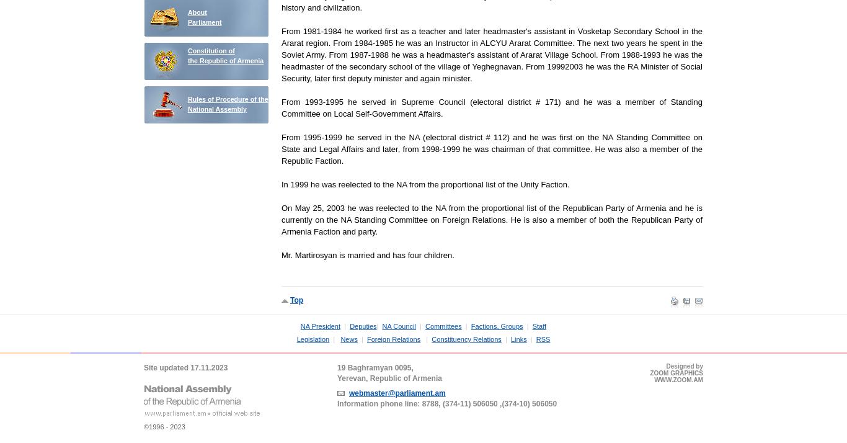 The image size is (847, 443). I want to click on 'From 1995-1999 he served in the NA (electoral district # 112) and he was first on the NA Standing Committee on State and Legal Affairs and later, from 1998-1999 he was chairman of that committee. He was also a member of the Republic Faction.', so click(492, 148).